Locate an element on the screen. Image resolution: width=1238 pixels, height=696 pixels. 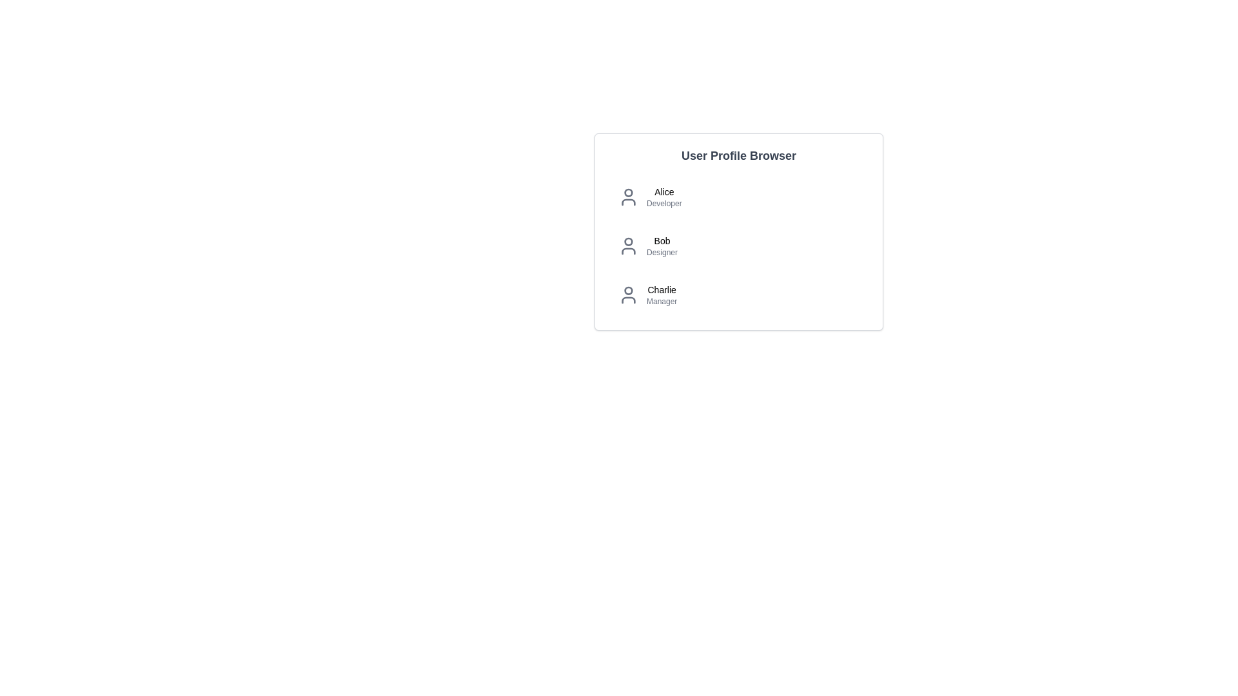
the lower curved stroke of the user icon representing 'Alice Developer', which is part of an SVG structure is located at coordinates (628, 202).